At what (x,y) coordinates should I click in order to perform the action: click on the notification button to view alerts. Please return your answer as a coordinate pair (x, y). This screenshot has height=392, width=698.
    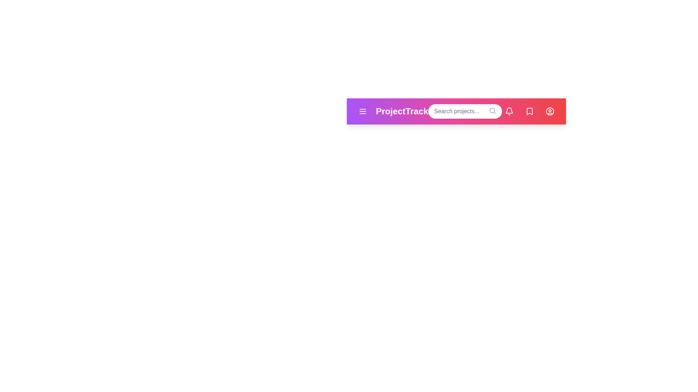
    Looking at the image, I should click on (509, 111).